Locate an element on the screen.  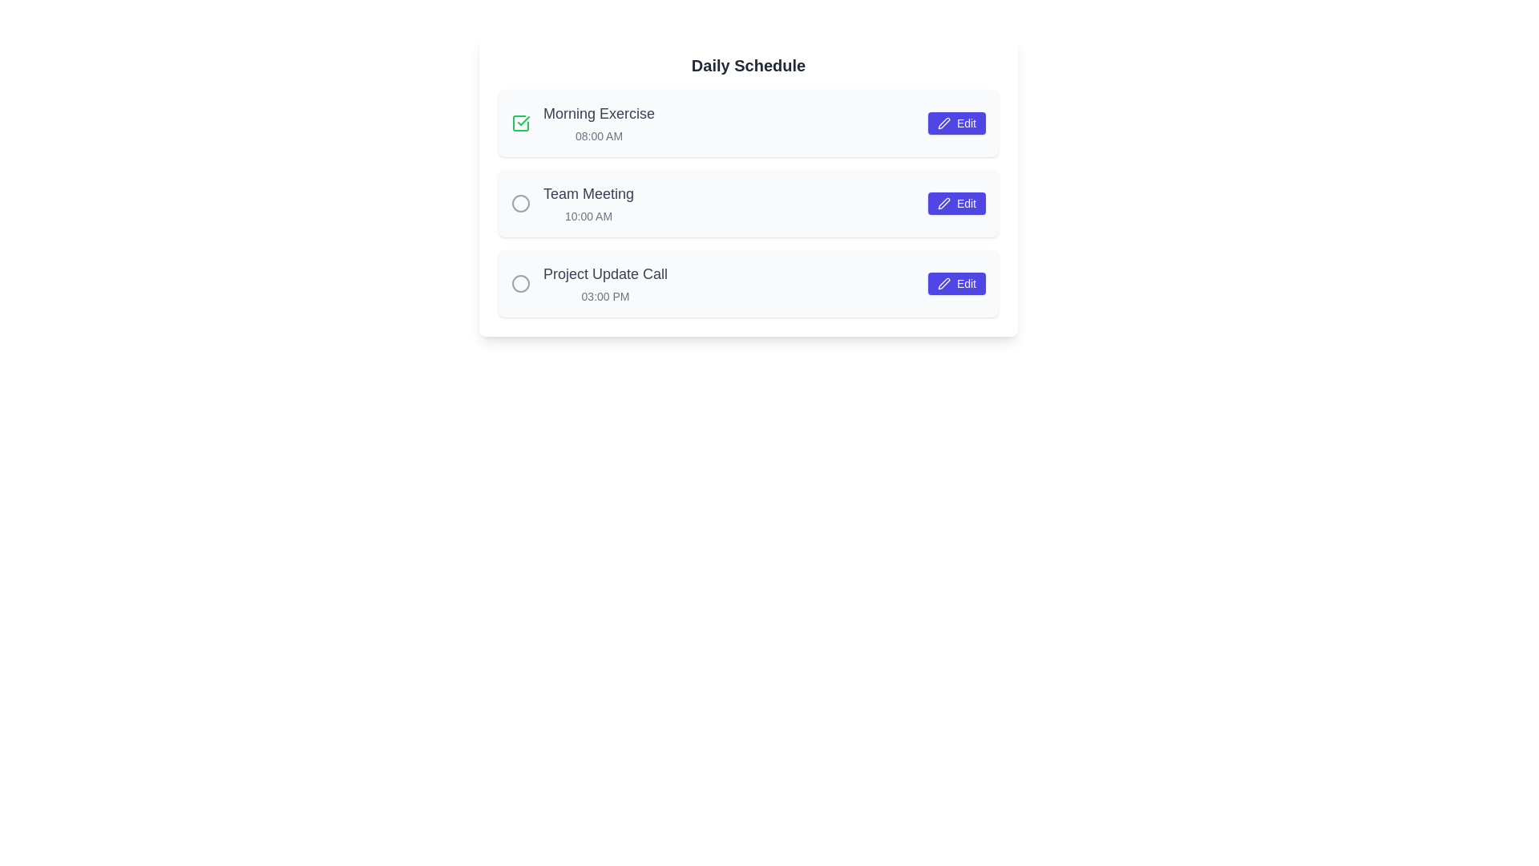
the text 'Morning Exercise' is located at coordinates (598, 113).